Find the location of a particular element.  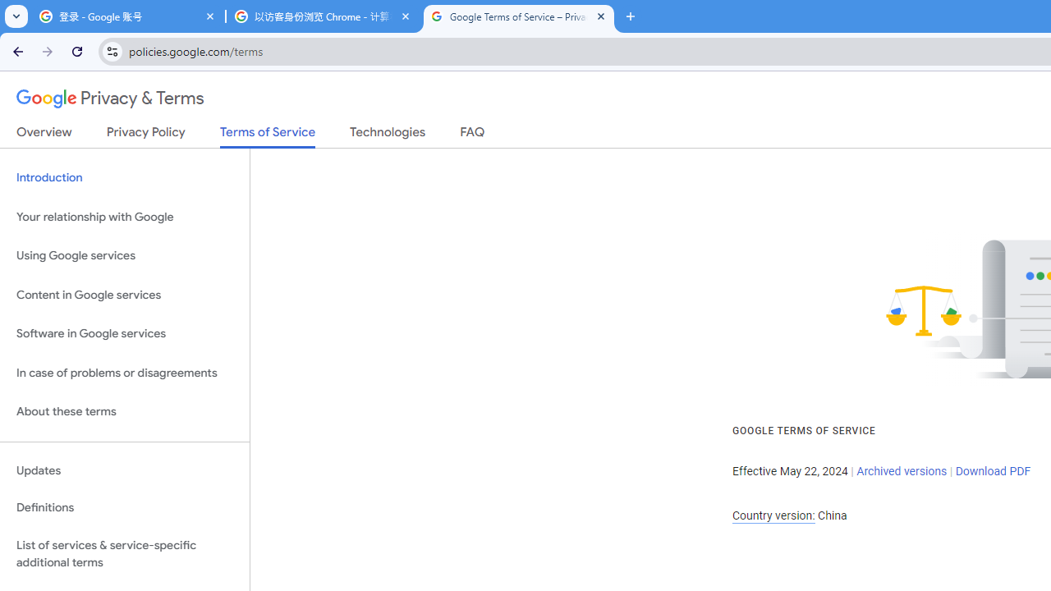

'Using Google services' is located at coordinates (124, 256).